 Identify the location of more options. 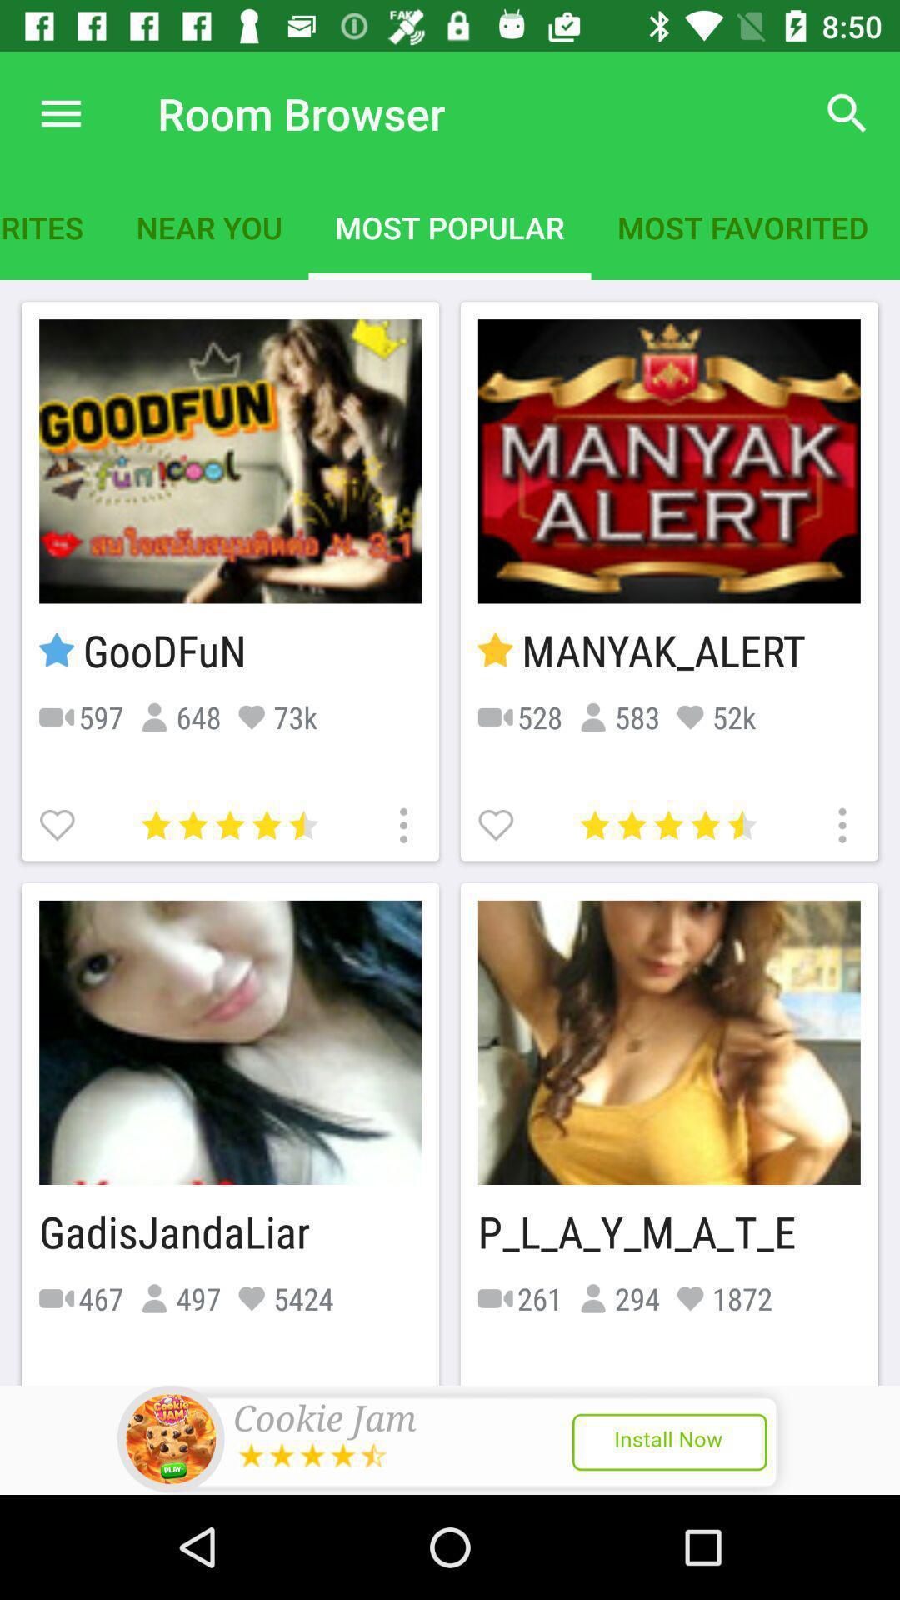
(840, 823).